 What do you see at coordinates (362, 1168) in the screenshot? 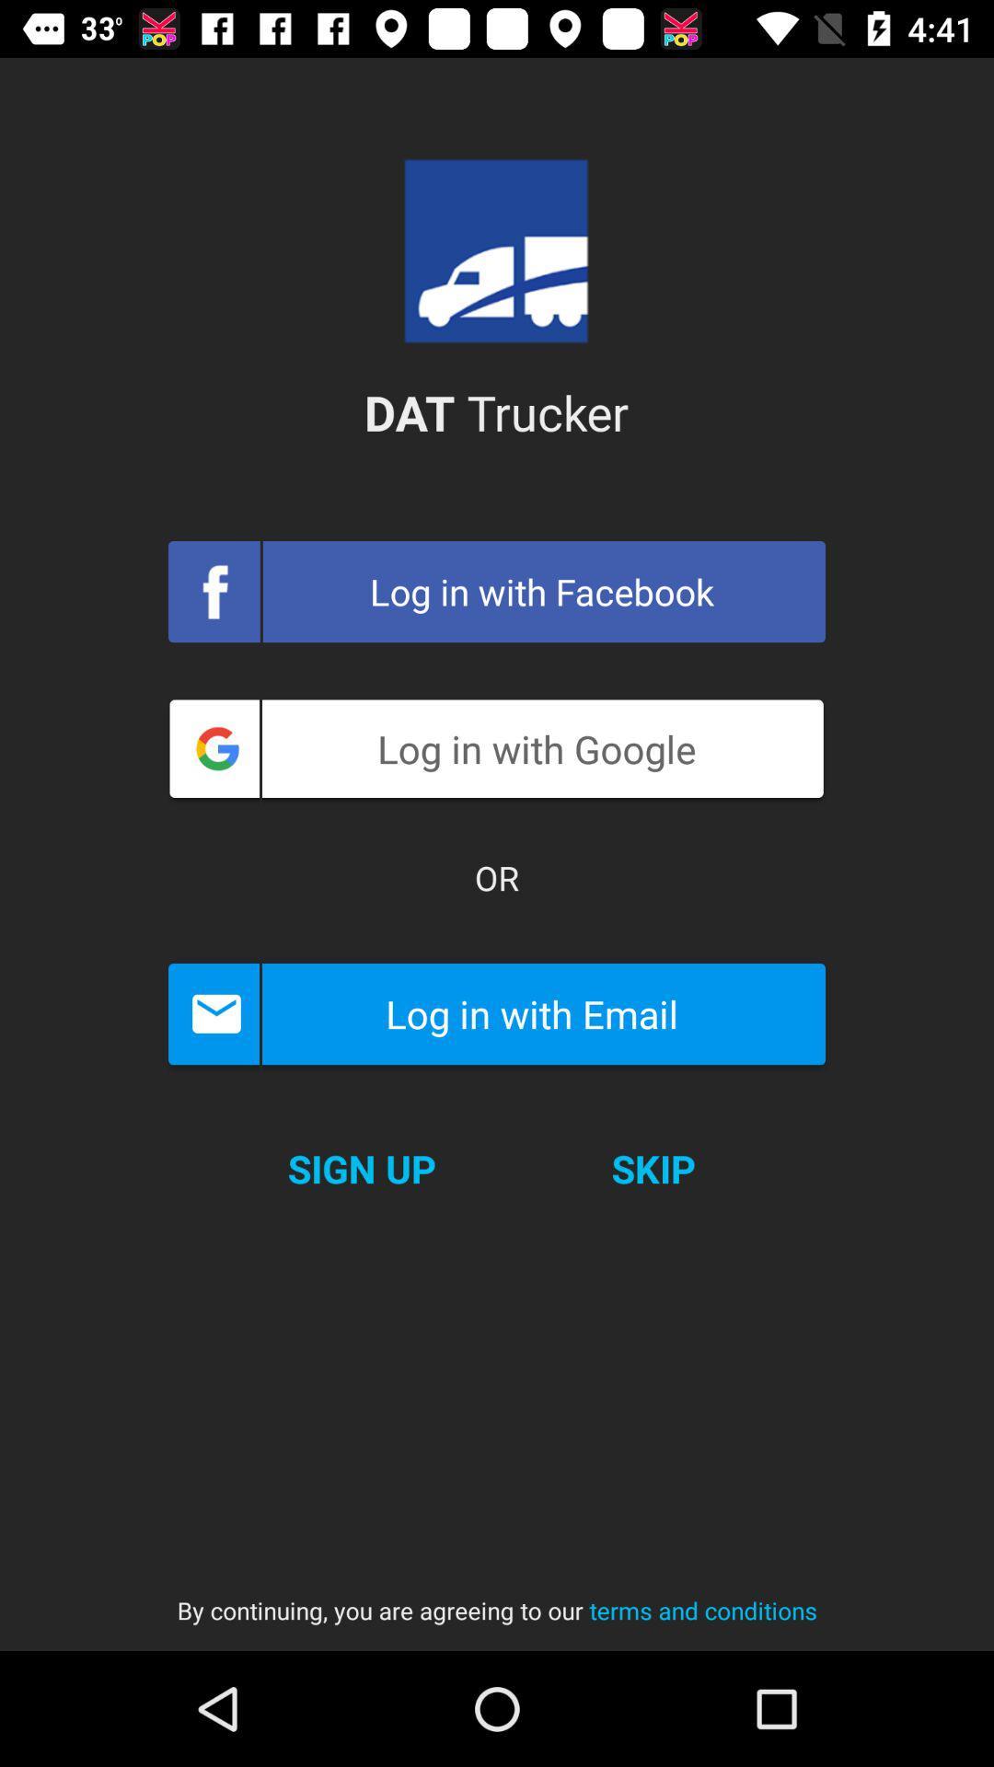
I see `the icon above the by continuing you icon` at bounding box center [362, 1168].